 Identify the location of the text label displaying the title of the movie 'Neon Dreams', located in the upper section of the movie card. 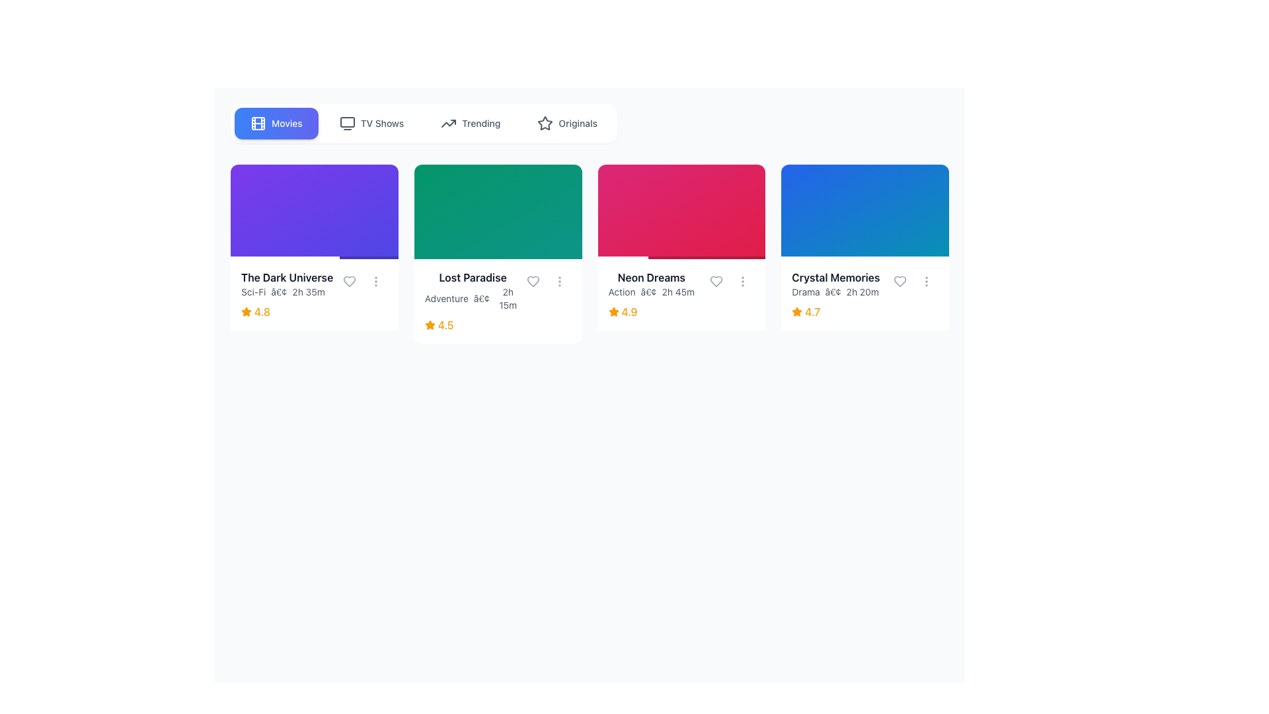
(651, 276).